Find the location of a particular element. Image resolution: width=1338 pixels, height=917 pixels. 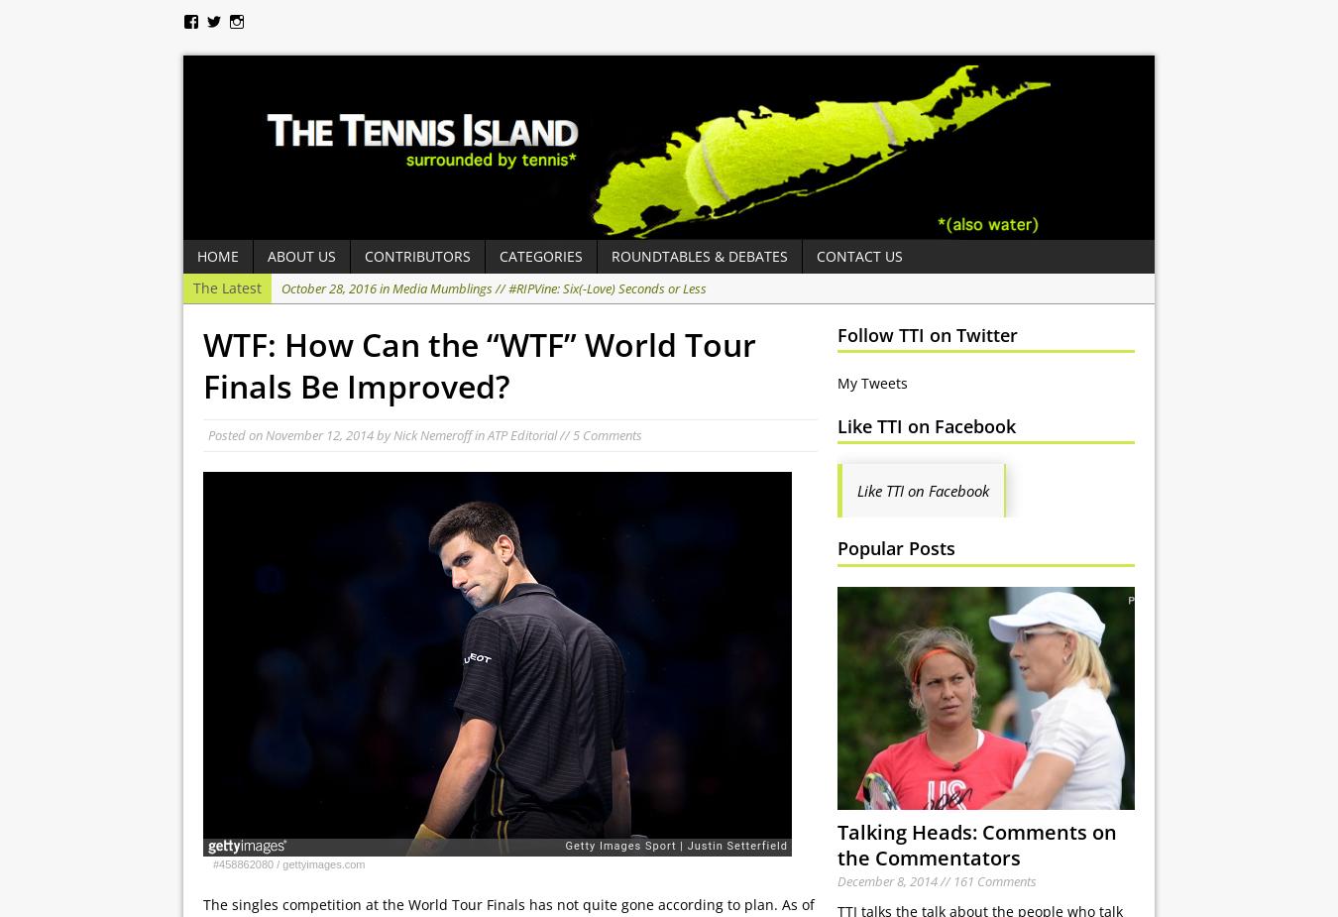

'Posted on' is located at coordinates (235, 434).